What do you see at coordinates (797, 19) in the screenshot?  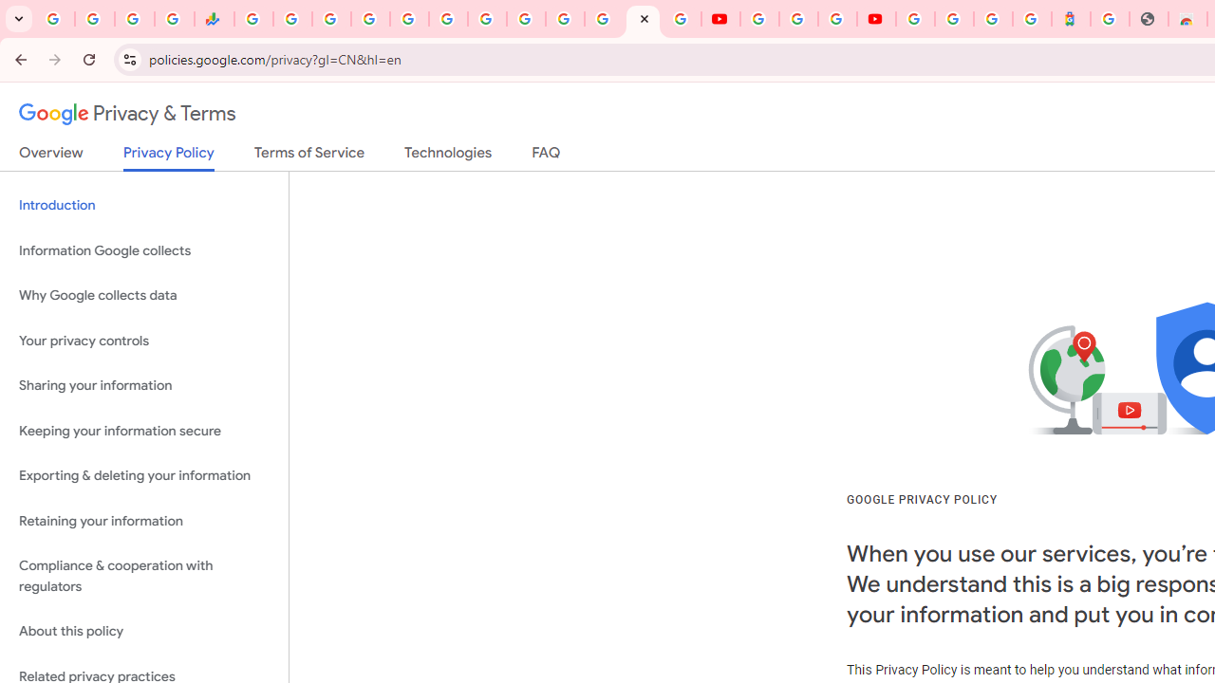 I see `'Google Account Help'` at bounding box center [797, 19].